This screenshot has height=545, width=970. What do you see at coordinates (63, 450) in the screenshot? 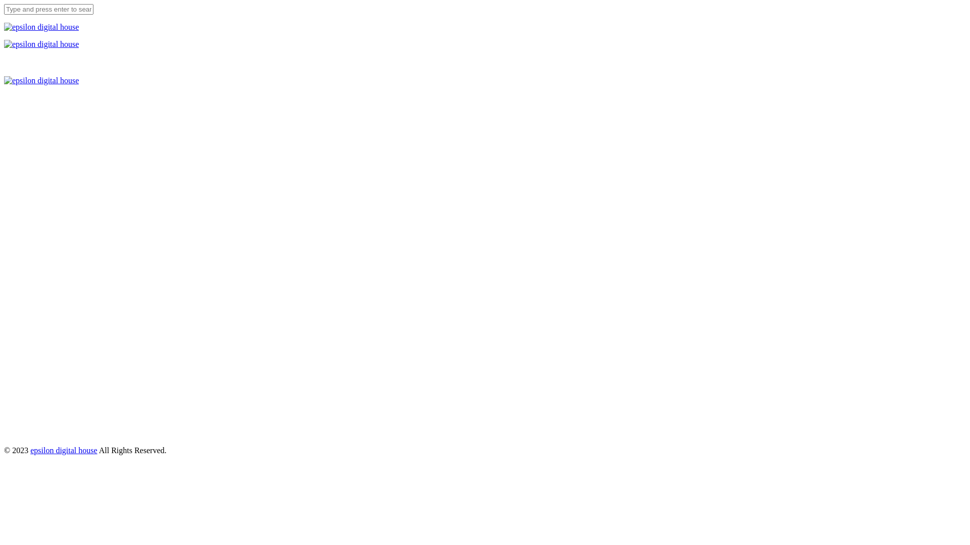
I see `'epsilon digital house'` at bounding box center [63, 450].